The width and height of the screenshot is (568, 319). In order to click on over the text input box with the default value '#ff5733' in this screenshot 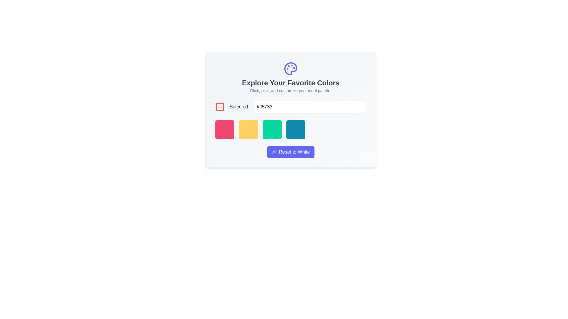, I will do `click(310, 107)`.